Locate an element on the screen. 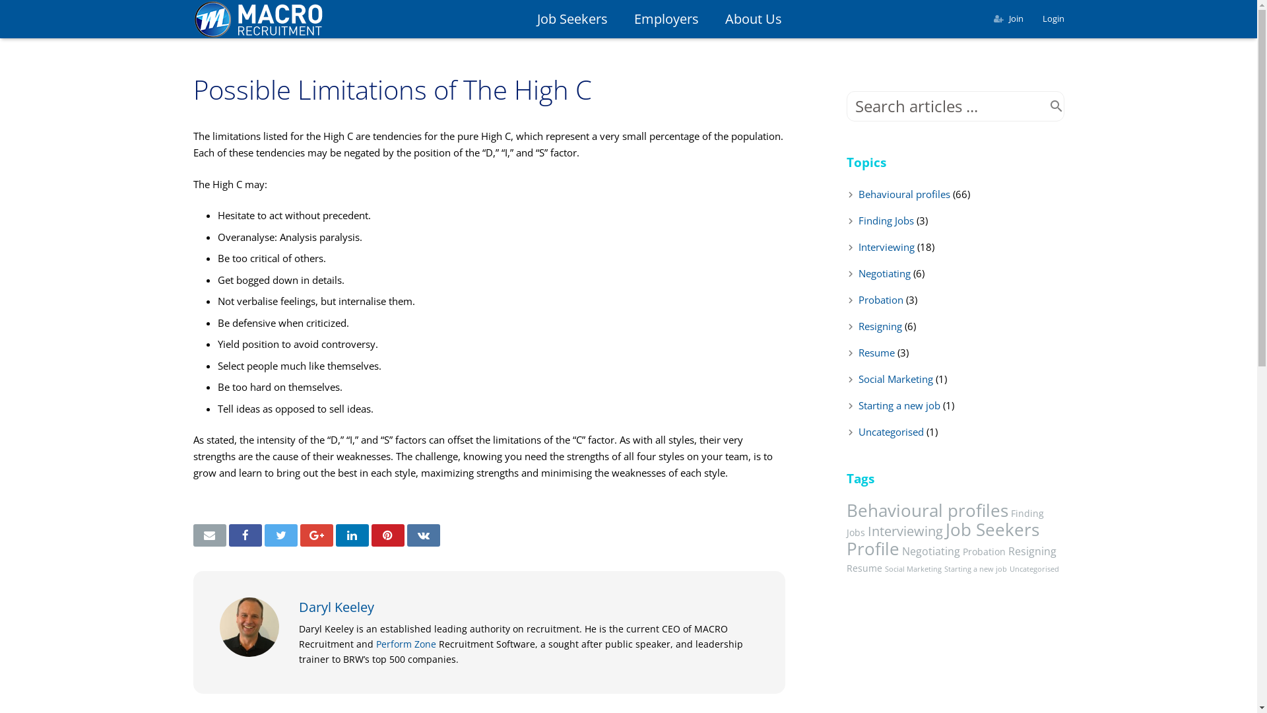 Image resolution: width=1267 pixels, height=713 pixels. 'Resigning' is located at coordinates (880, 325).